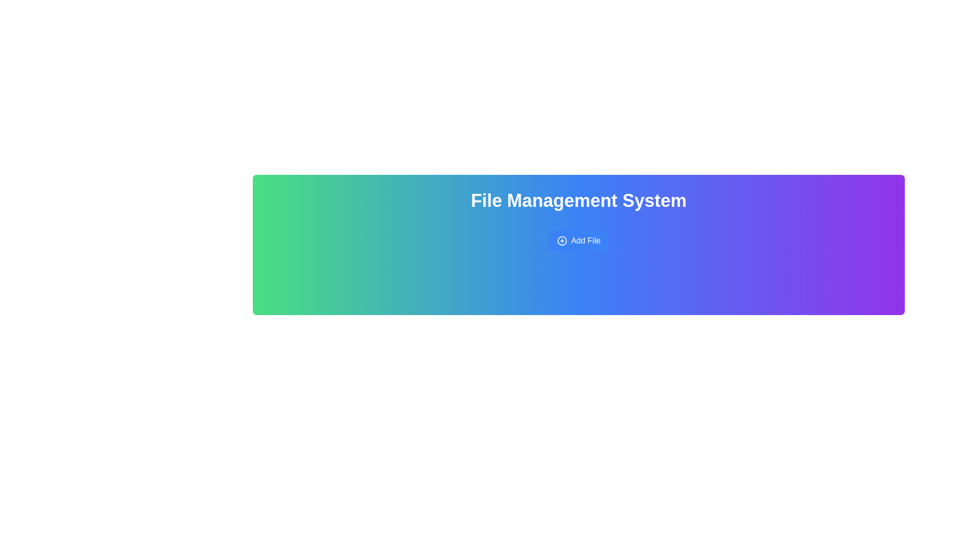  I want to click on the button labeled 'Add Files' located centrally beneath the 'File Management System' title, so click(578, 241).